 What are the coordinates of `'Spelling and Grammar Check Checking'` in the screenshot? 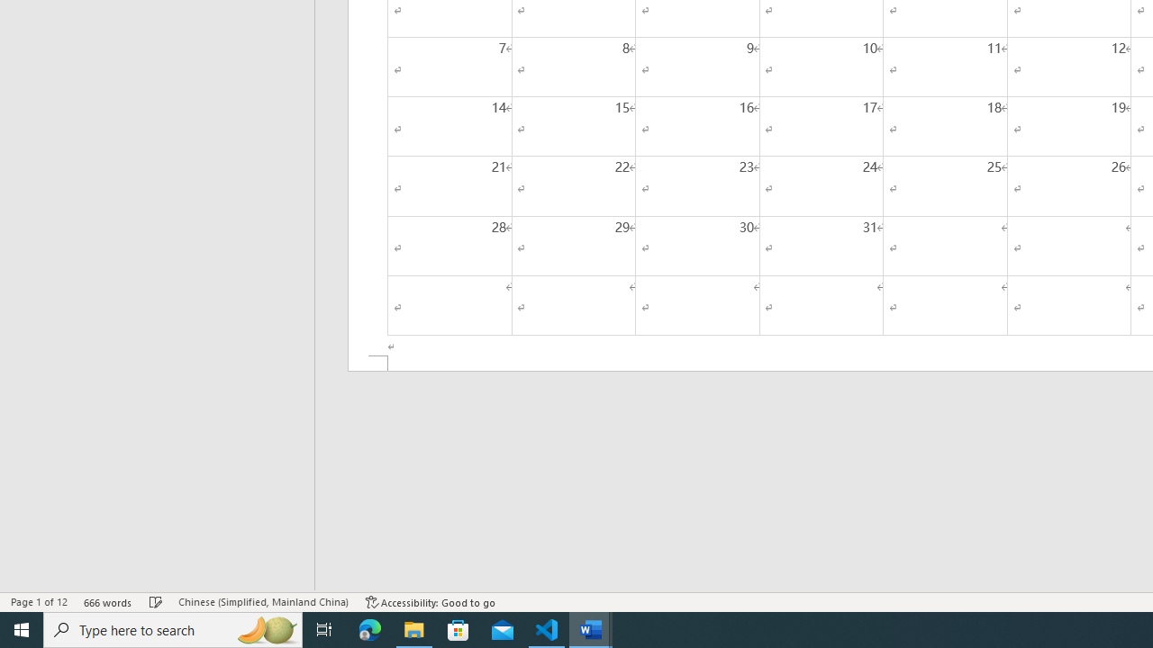 It's located at (156, 602).